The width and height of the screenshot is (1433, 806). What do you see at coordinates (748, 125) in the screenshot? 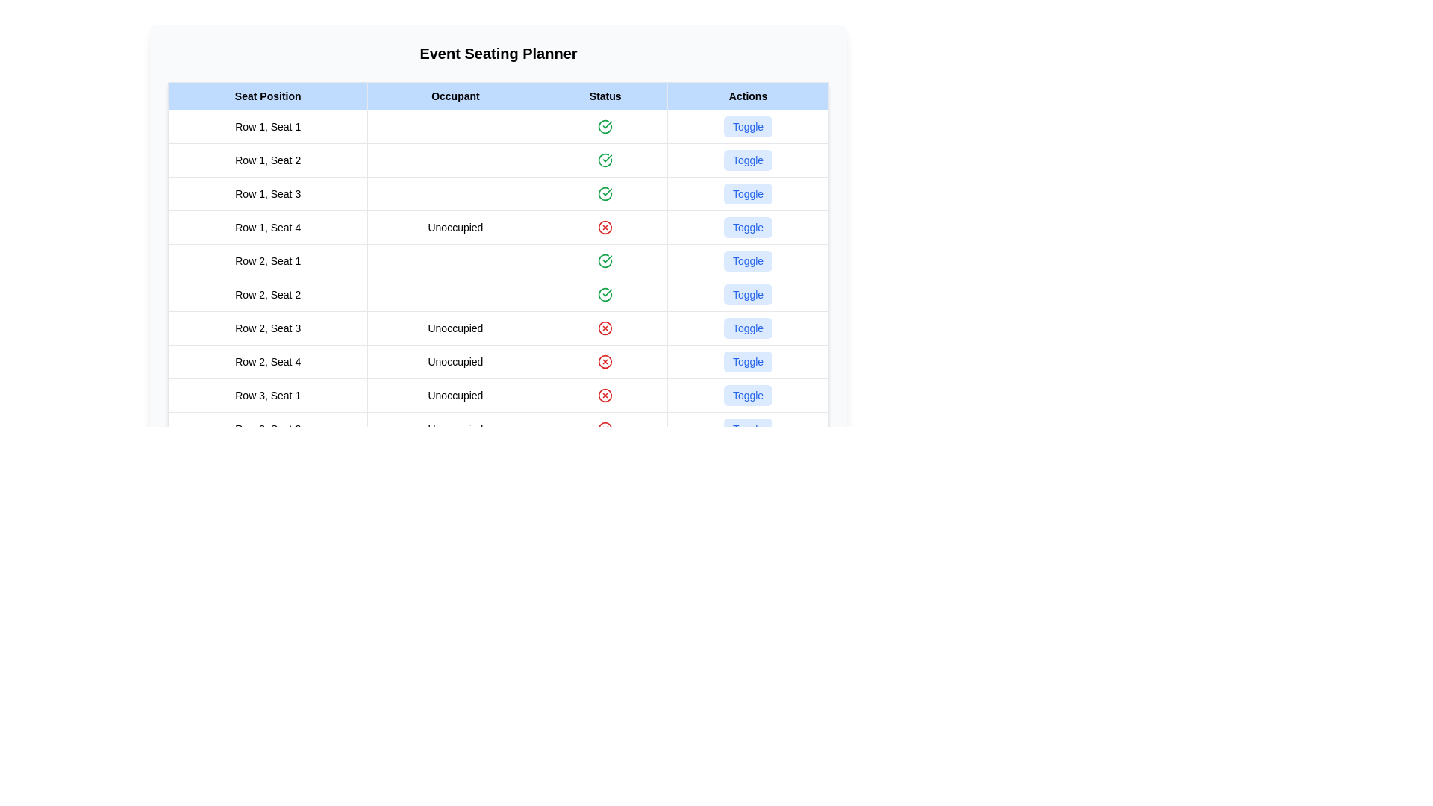
I see `the toggle button in the 'Actions' column under 'Event Seating Planner' for 'Row 1, Seat 1' to observe the visual change` at bounding box center [748, 125].